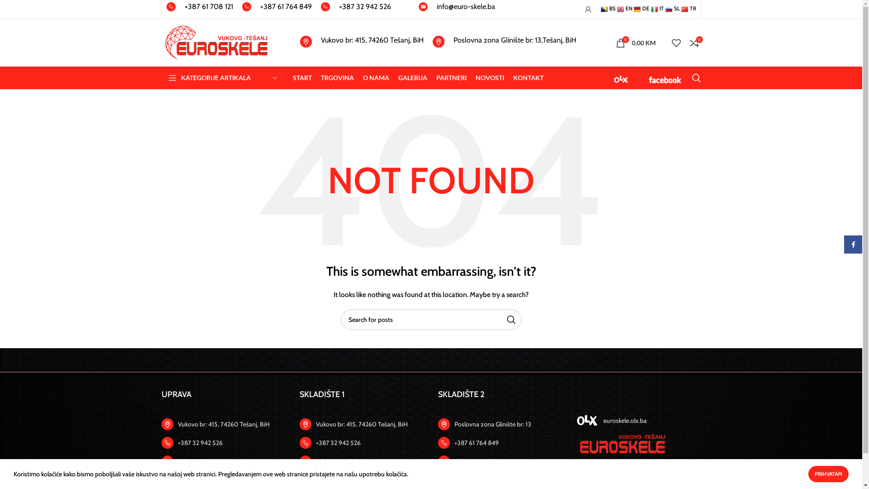 This screenshot has height=489, width=869. Describe the element at coordinates (694, 42) in the screenshot. I see `'0'` at that location.